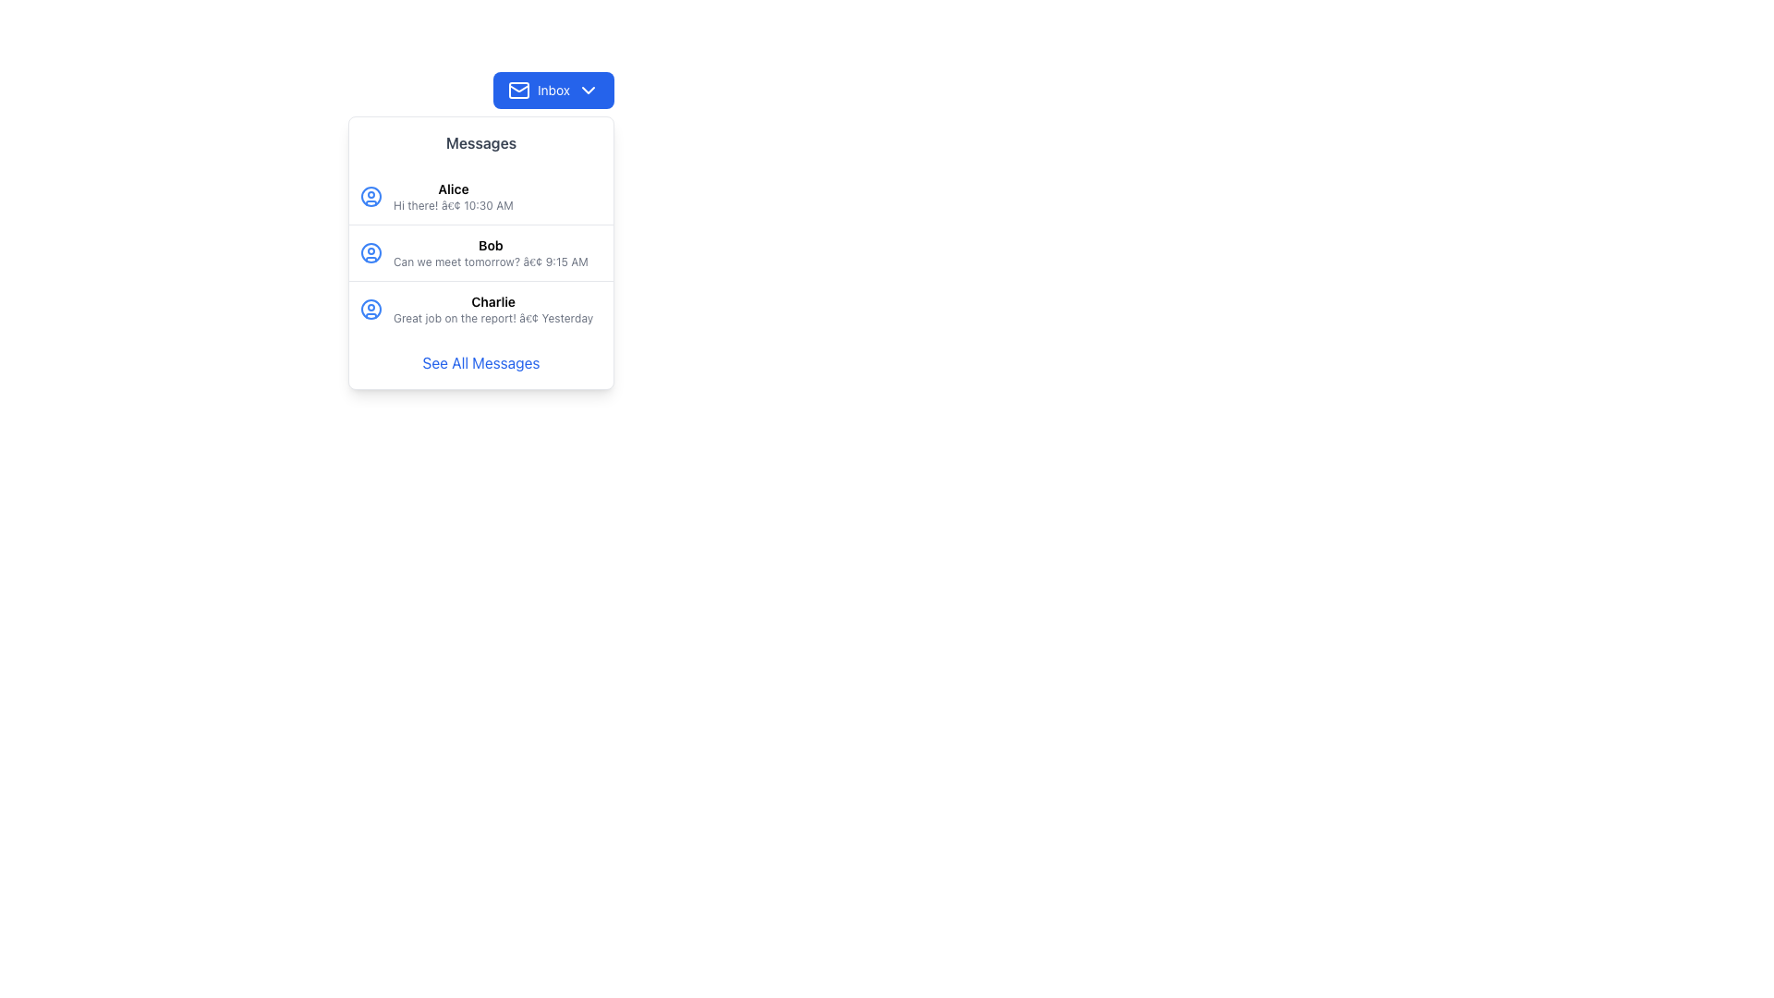  What do you see at coordinates (371, 309) in the screenshot?
I see `the avatar icon representing the sender Charlie, located to the left of the message 'Charlie Great job on the report! • Yesterday' in the list of messages` at bounding box center [371, 309].